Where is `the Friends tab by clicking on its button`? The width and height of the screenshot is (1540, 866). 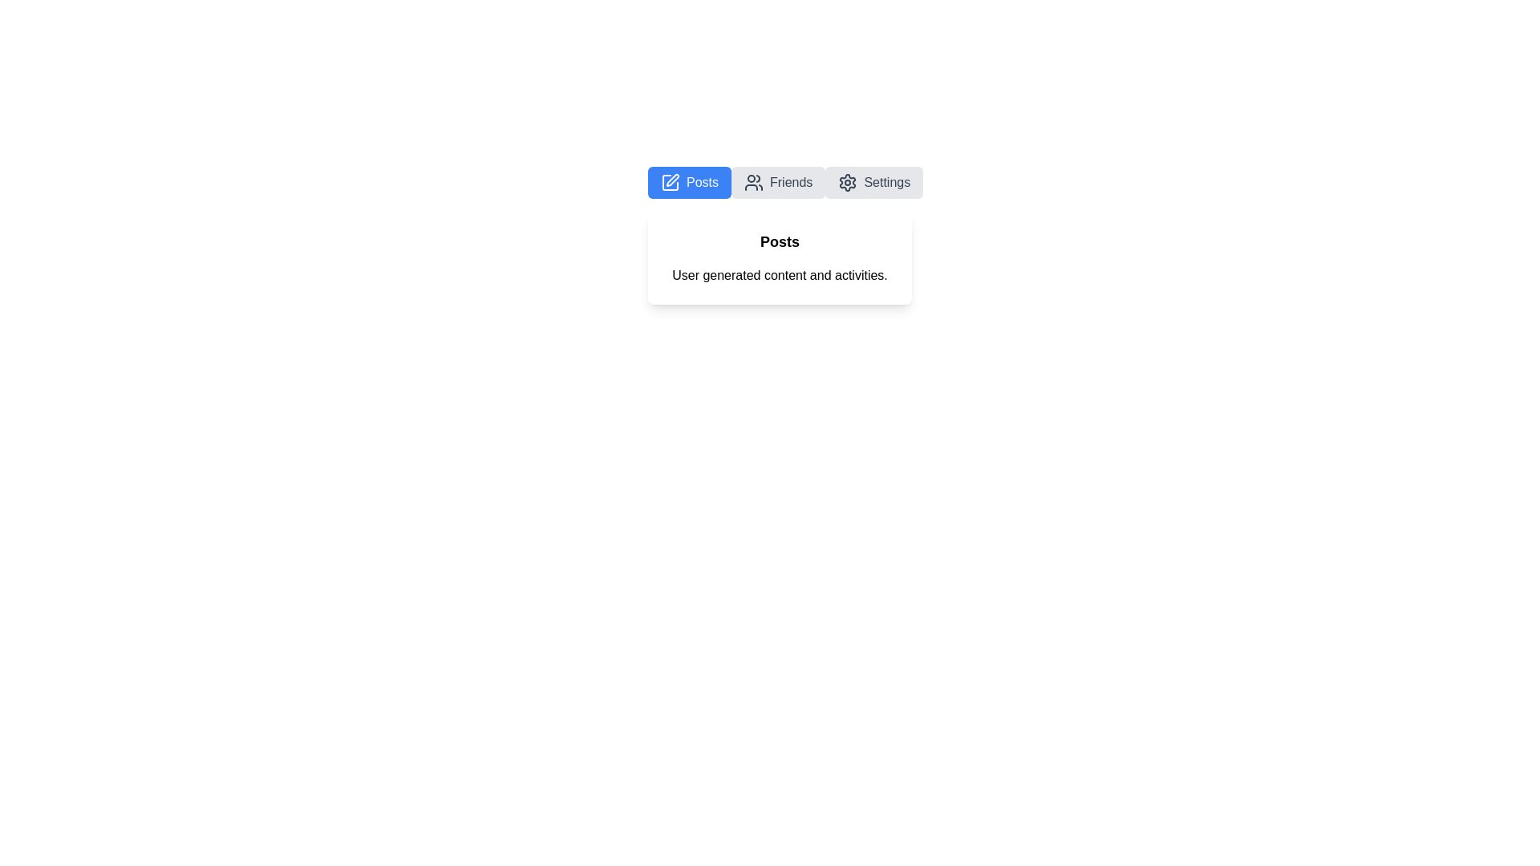
the Friends tab by clicking on its button is located at coordinates (777, 181).